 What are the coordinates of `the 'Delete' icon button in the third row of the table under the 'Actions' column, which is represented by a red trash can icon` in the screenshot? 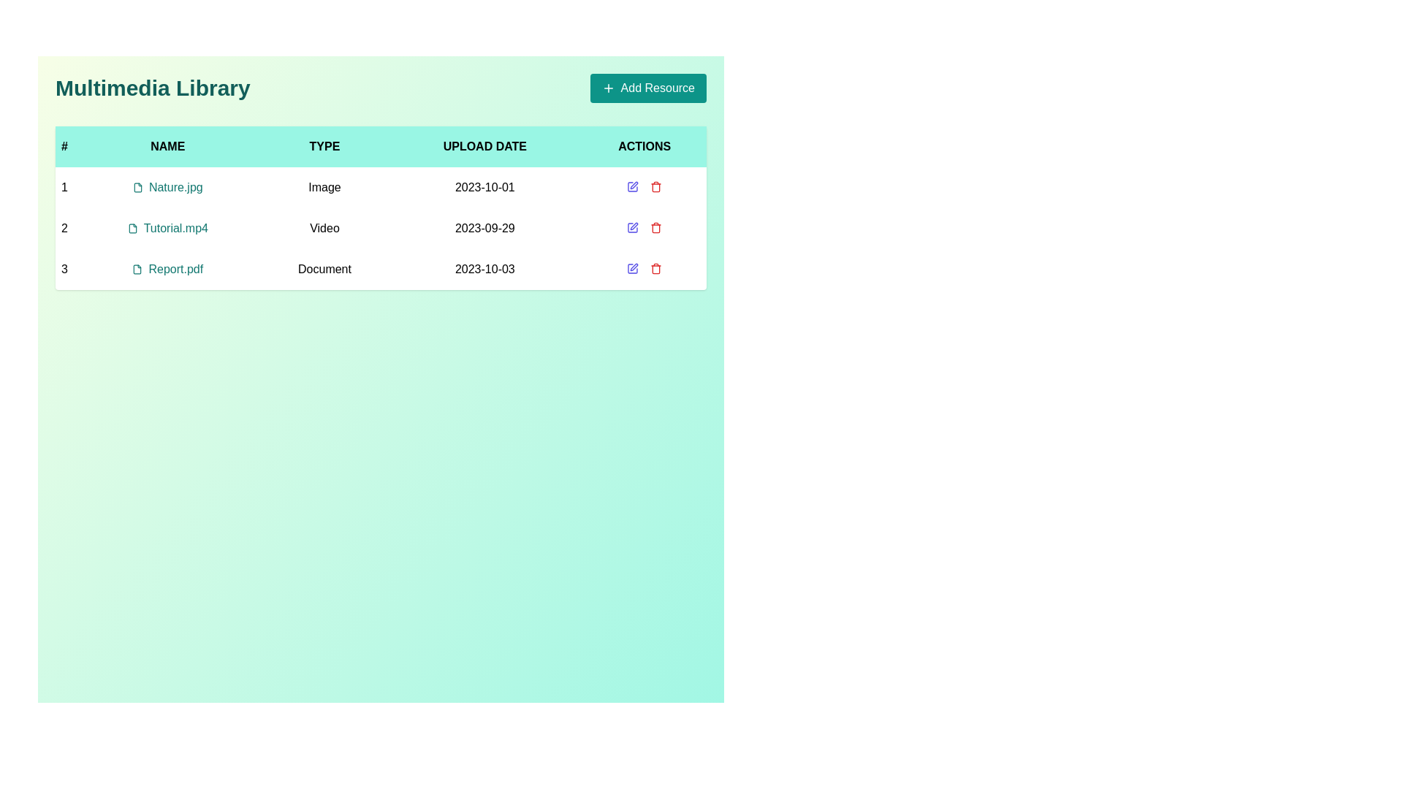 It's located at (655, 187).